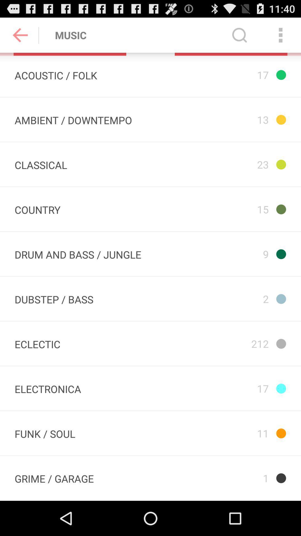  Describe the element at coordinates (225, 209) in the screenshot. I see `15 icon` at that location.